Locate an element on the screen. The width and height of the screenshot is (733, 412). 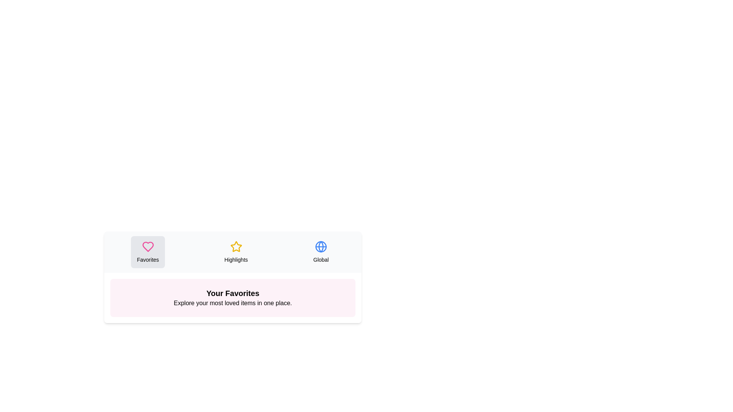
the Highlights tab is located at coordinates (236, 252).